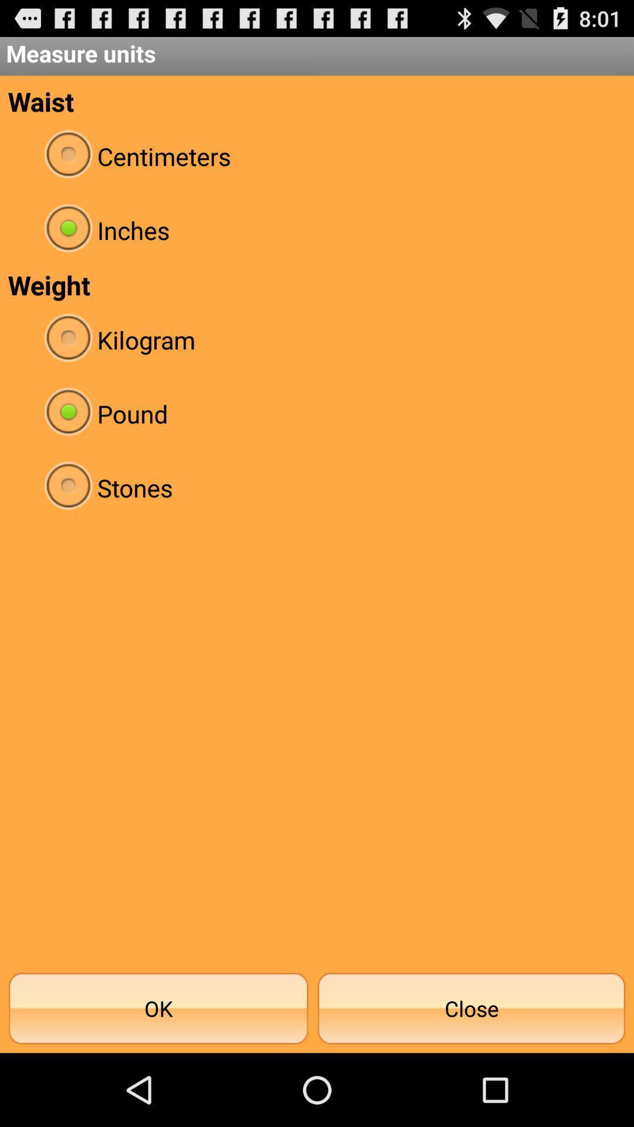 This screenshot has height=1127, width=634. What do you see at coordinates (317, 230) in the screenshot?
I see `inches` at bounding box center [317, 230].